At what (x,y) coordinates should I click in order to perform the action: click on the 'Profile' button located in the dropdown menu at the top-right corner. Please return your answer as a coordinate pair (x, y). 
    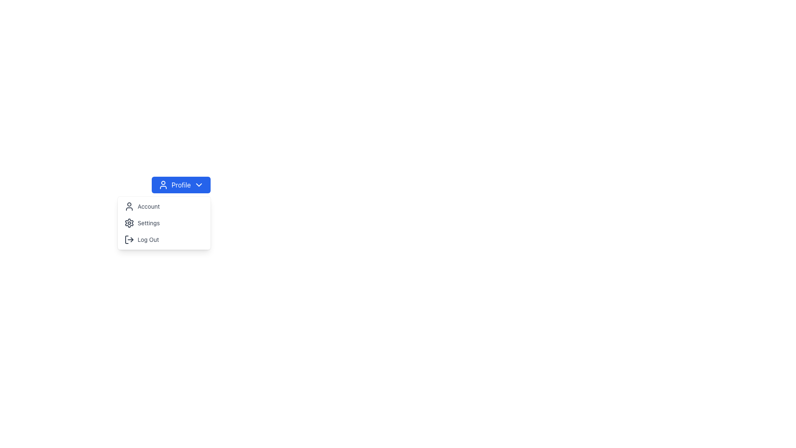
    Looking at the image, I should click on (180, 185).